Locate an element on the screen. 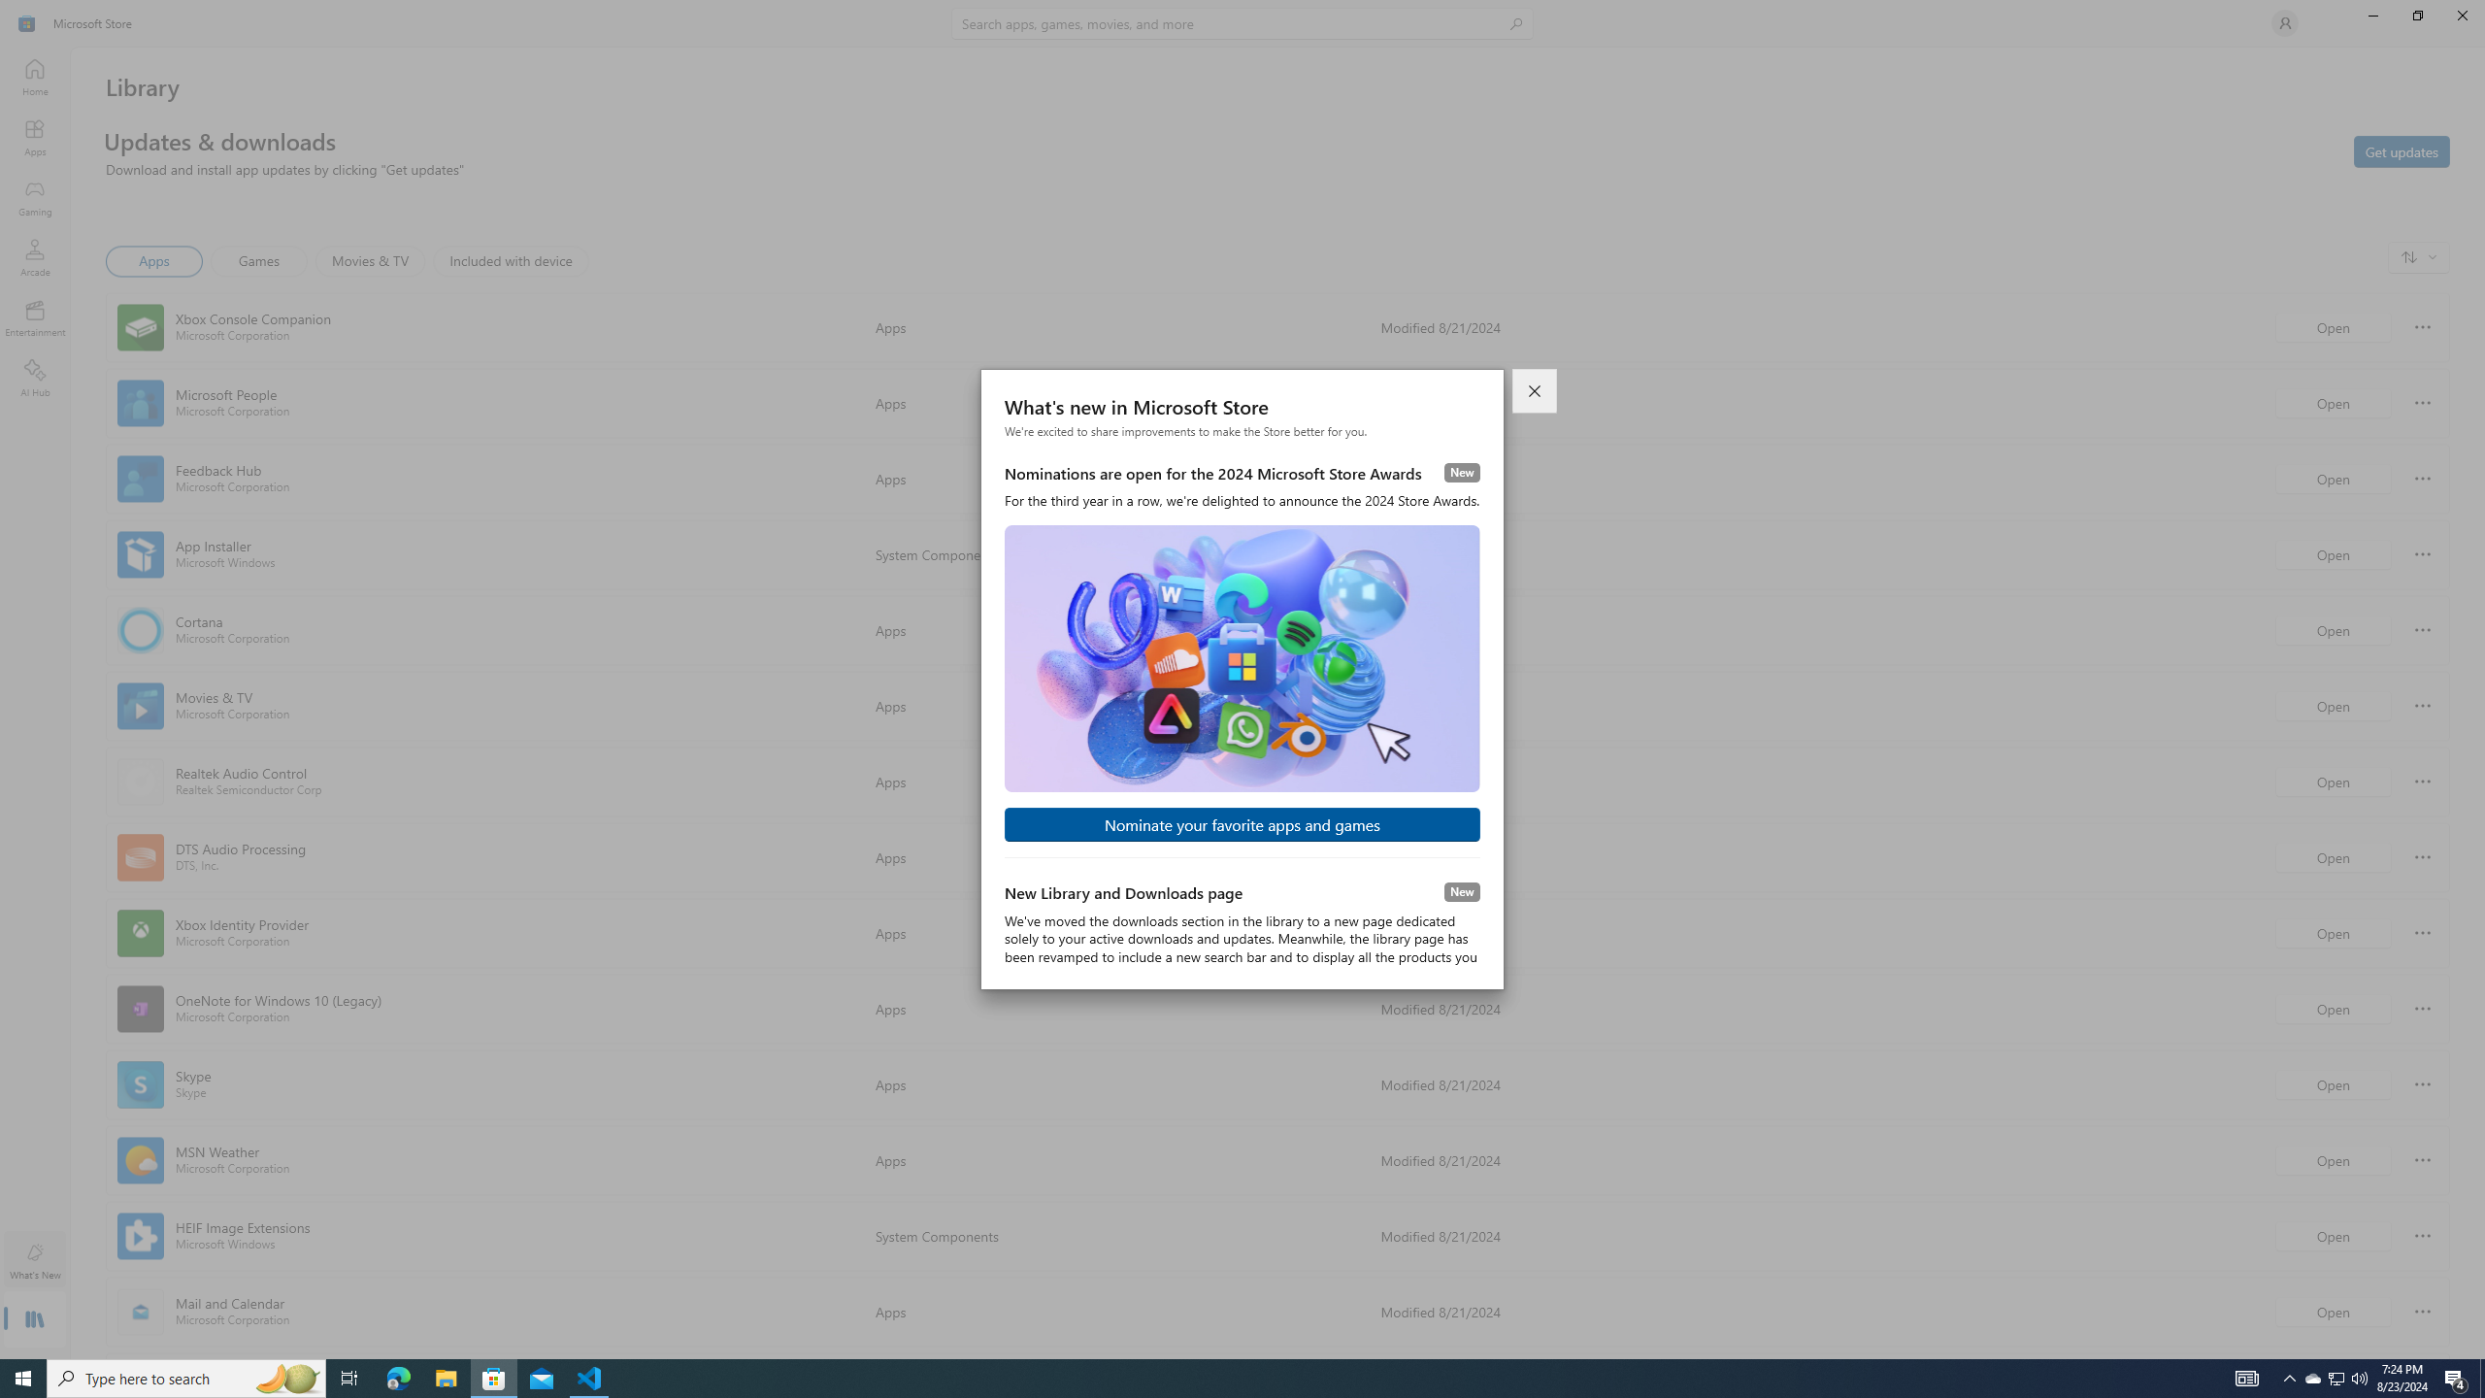 Image resolution: width=2485 pixels, height=1398 pixels. 'What' is located at coordinates (33, 1260).